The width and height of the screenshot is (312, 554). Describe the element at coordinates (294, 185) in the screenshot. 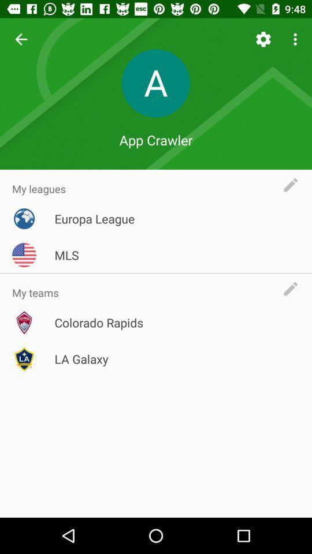

I see `text the app` at that location.